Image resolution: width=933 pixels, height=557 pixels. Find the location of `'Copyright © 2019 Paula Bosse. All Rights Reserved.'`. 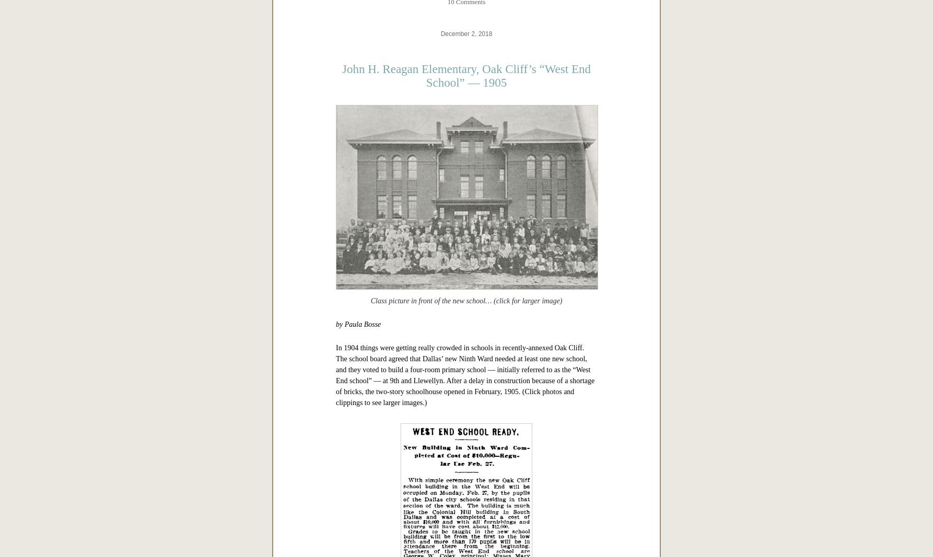

'Copyright © 2019 Paula Bosse. All Rights Reserved.' is located at coordinates (465, 211).